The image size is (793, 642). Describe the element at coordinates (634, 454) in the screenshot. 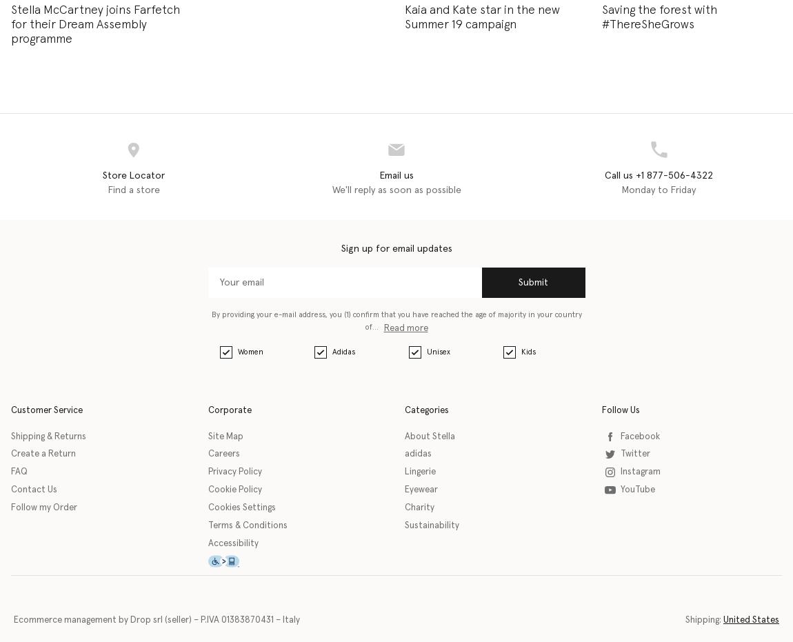

I see `'Twitter'` at that location.